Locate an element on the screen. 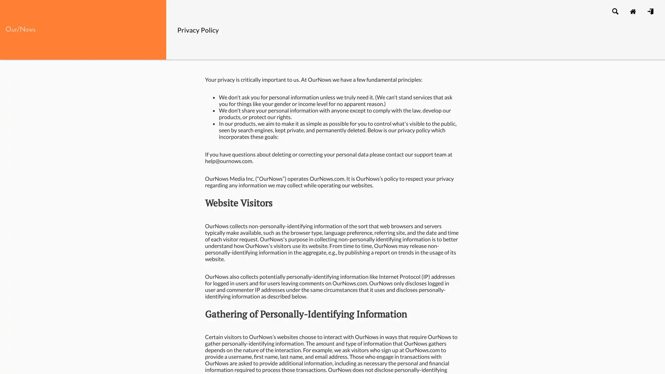  Login is located at coordinates (650, 11).